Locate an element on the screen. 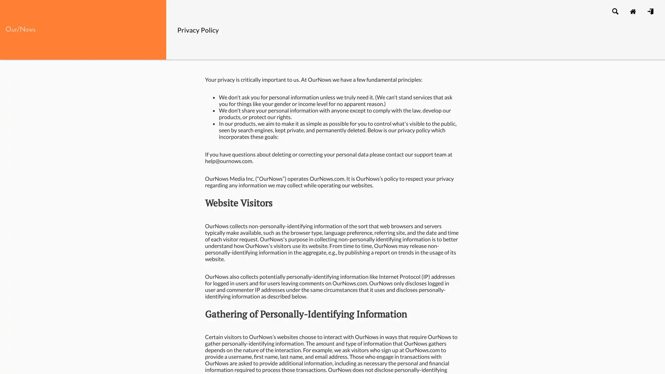  Login is located at coordinates (650, 11).